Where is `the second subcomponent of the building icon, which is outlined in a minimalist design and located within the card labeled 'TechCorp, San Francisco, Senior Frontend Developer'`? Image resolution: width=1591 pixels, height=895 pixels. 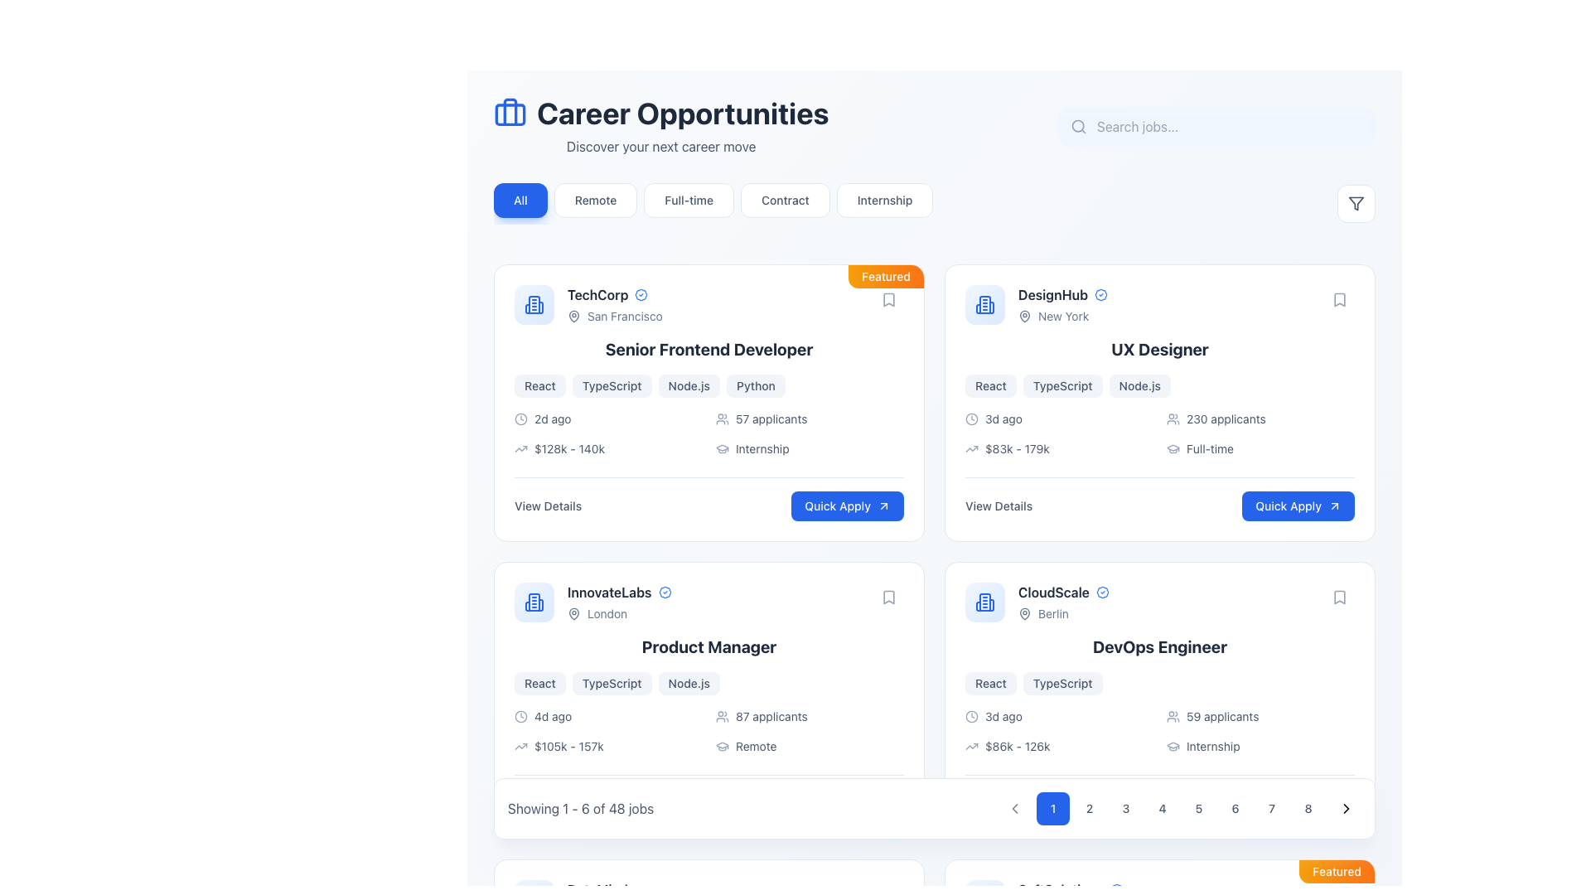 the second subcomponent of the building icon, which is outlined in a minimalist design and located within the card labeled 'TechCorp, San Francisco, Senior Frontend Developer' is located at coordinates (527, 309).